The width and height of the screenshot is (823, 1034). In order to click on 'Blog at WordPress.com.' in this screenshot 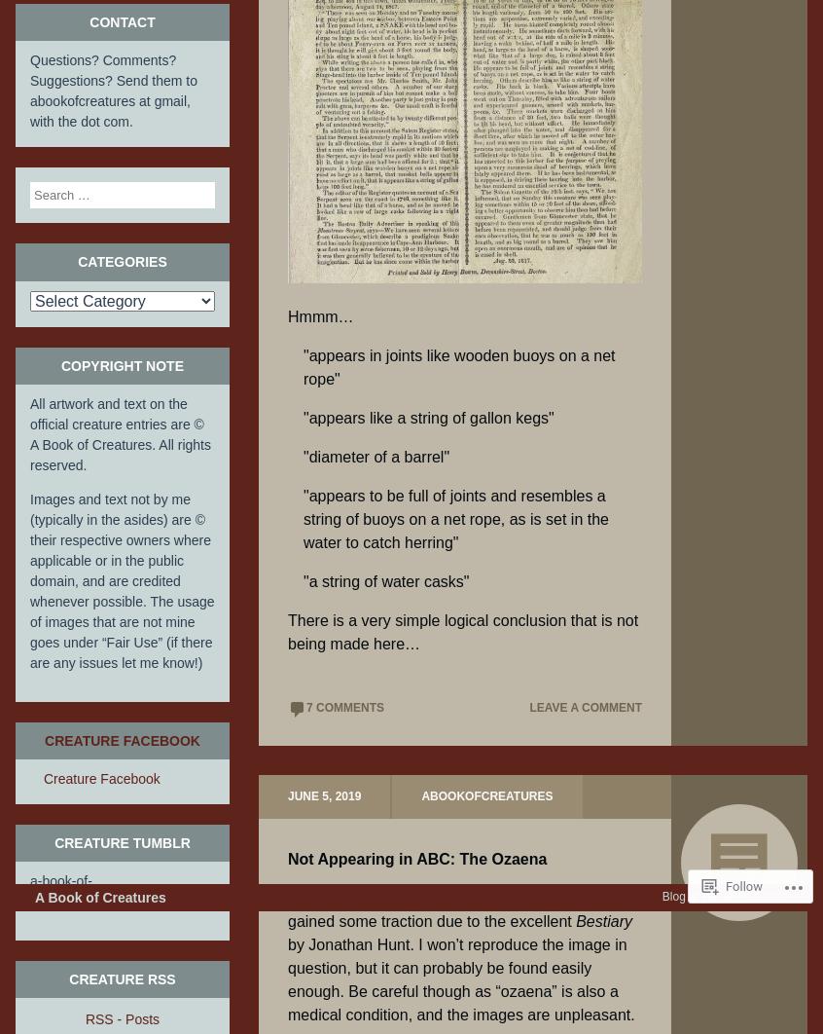, I will do `click(723, 946)`.